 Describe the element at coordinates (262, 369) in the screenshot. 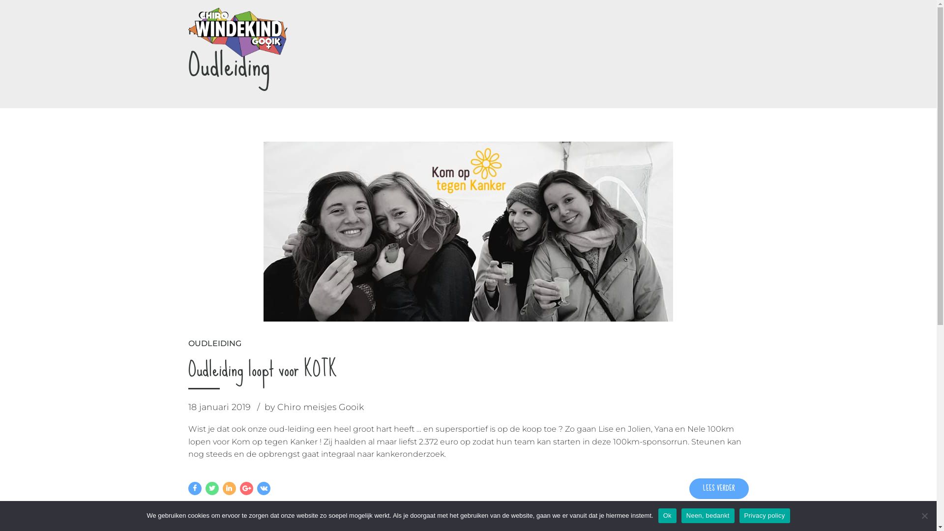

I see `'Oudleiding loopt voor KOTK'` at that location.